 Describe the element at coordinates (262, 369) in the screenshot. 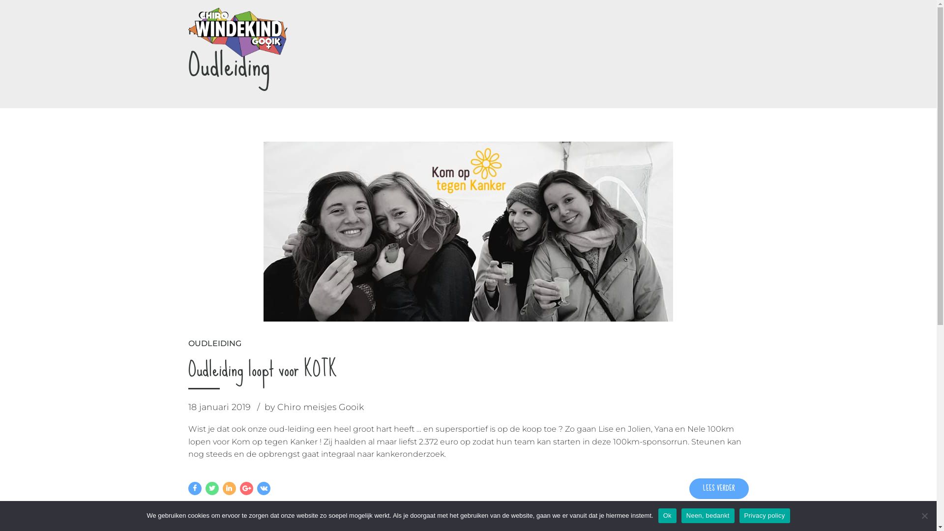

I see `'Oudleiding loopt voor KOTK'` at that location.